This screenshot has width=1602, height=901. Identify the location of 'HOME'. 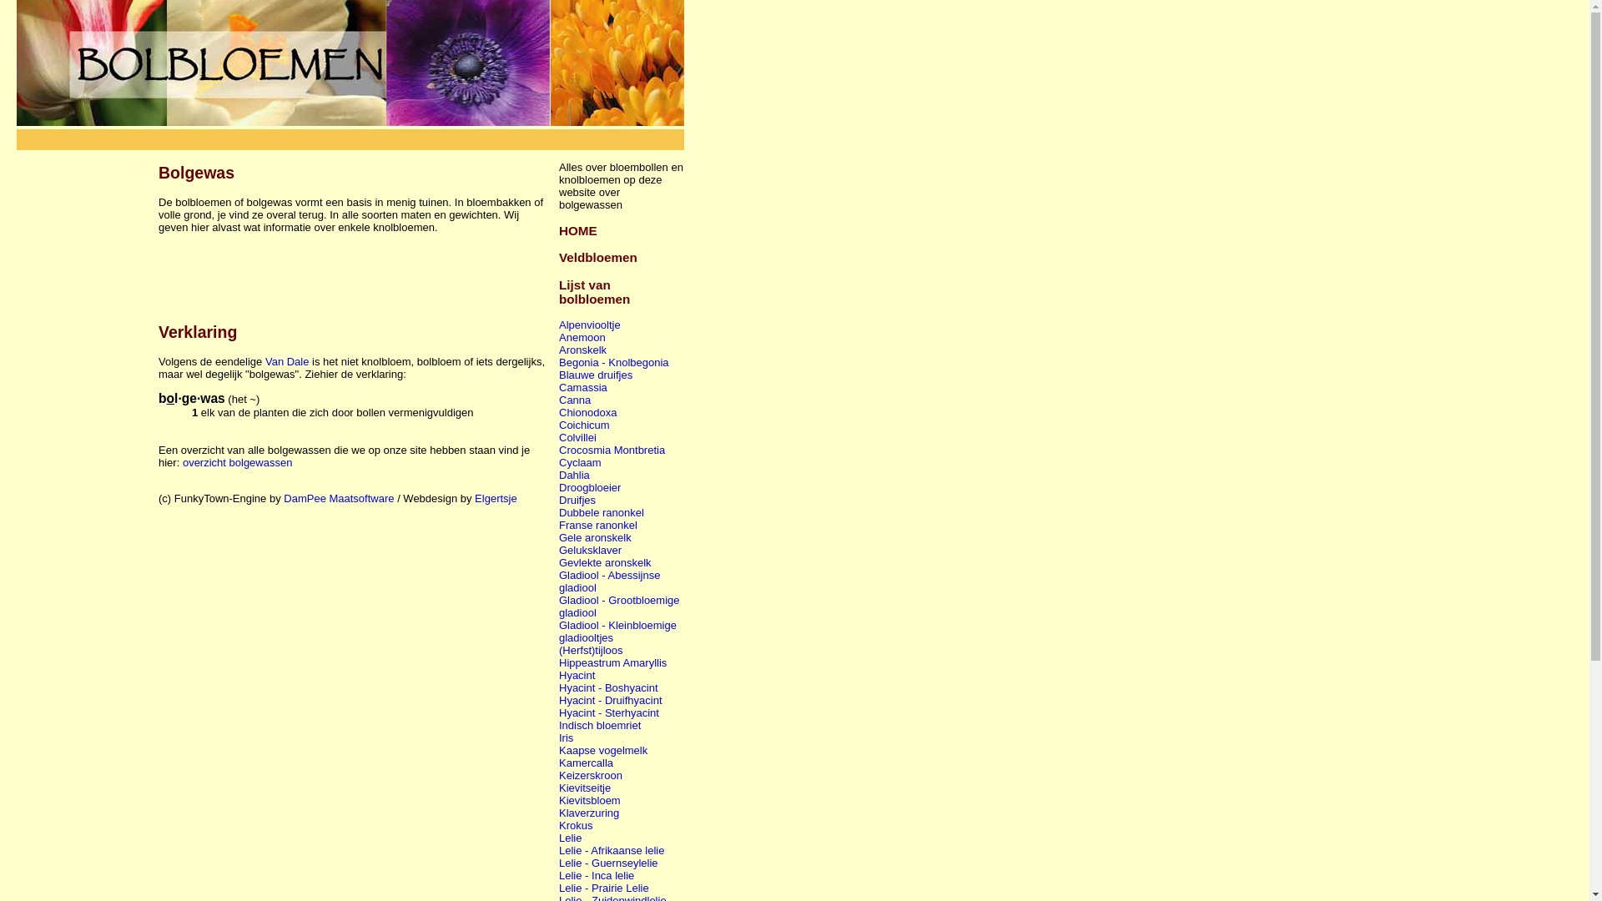
(577, 230).